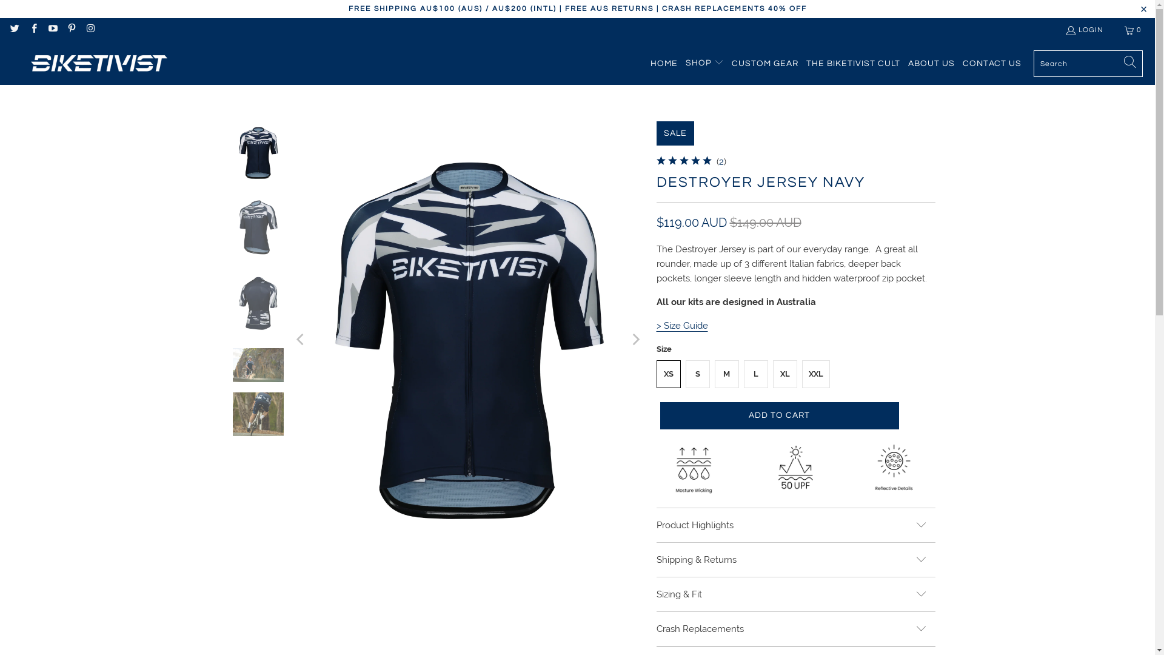  I want to click on 'ADD TO CART', so click(779, 415).